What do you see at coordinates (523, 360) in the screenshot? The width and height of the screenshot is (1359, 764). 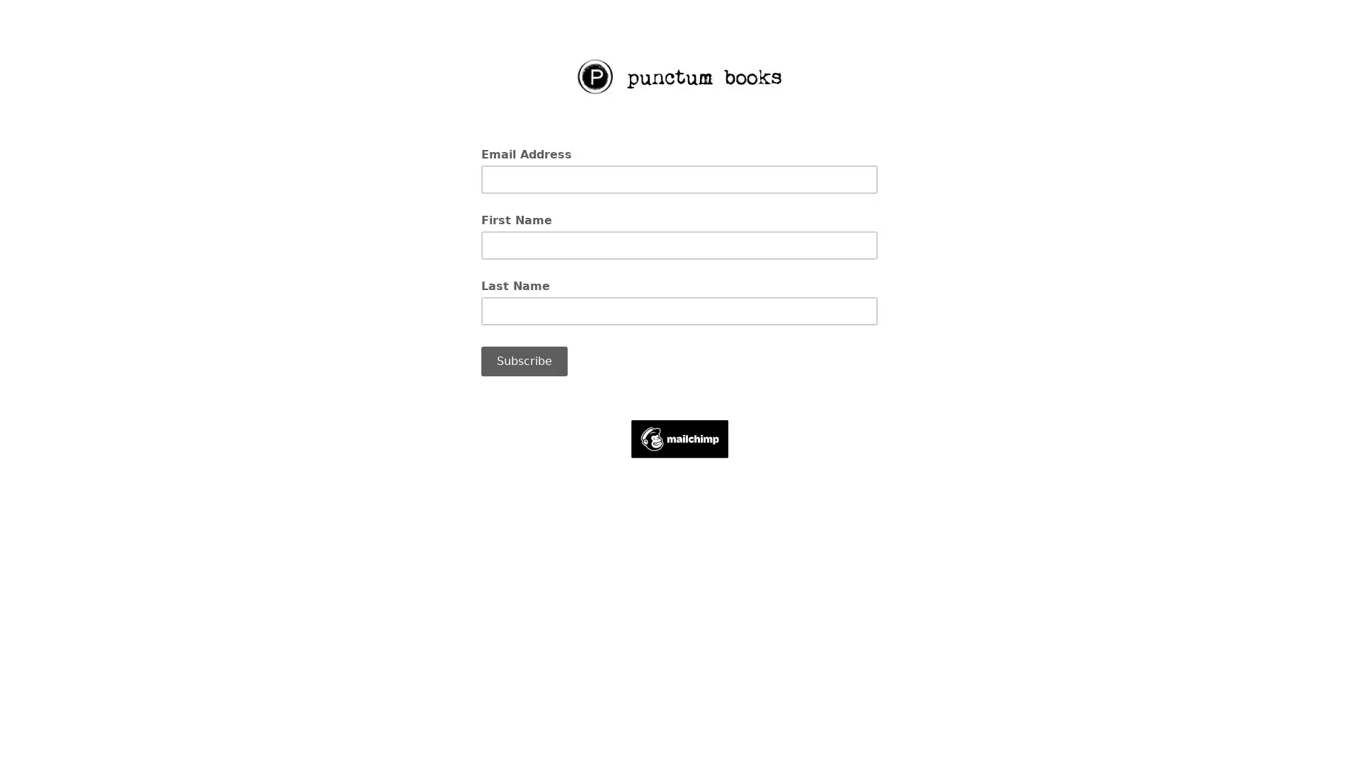 I see `Subscribe` at bounding box center [523, 360].